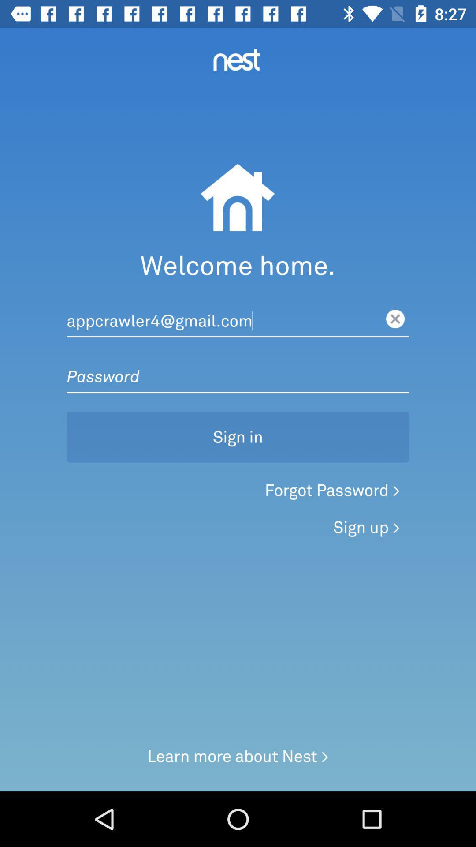  What do you see at coordinates (237, 266) in the screenshot?
I see `welcome home` at bounding box center [237, 266].